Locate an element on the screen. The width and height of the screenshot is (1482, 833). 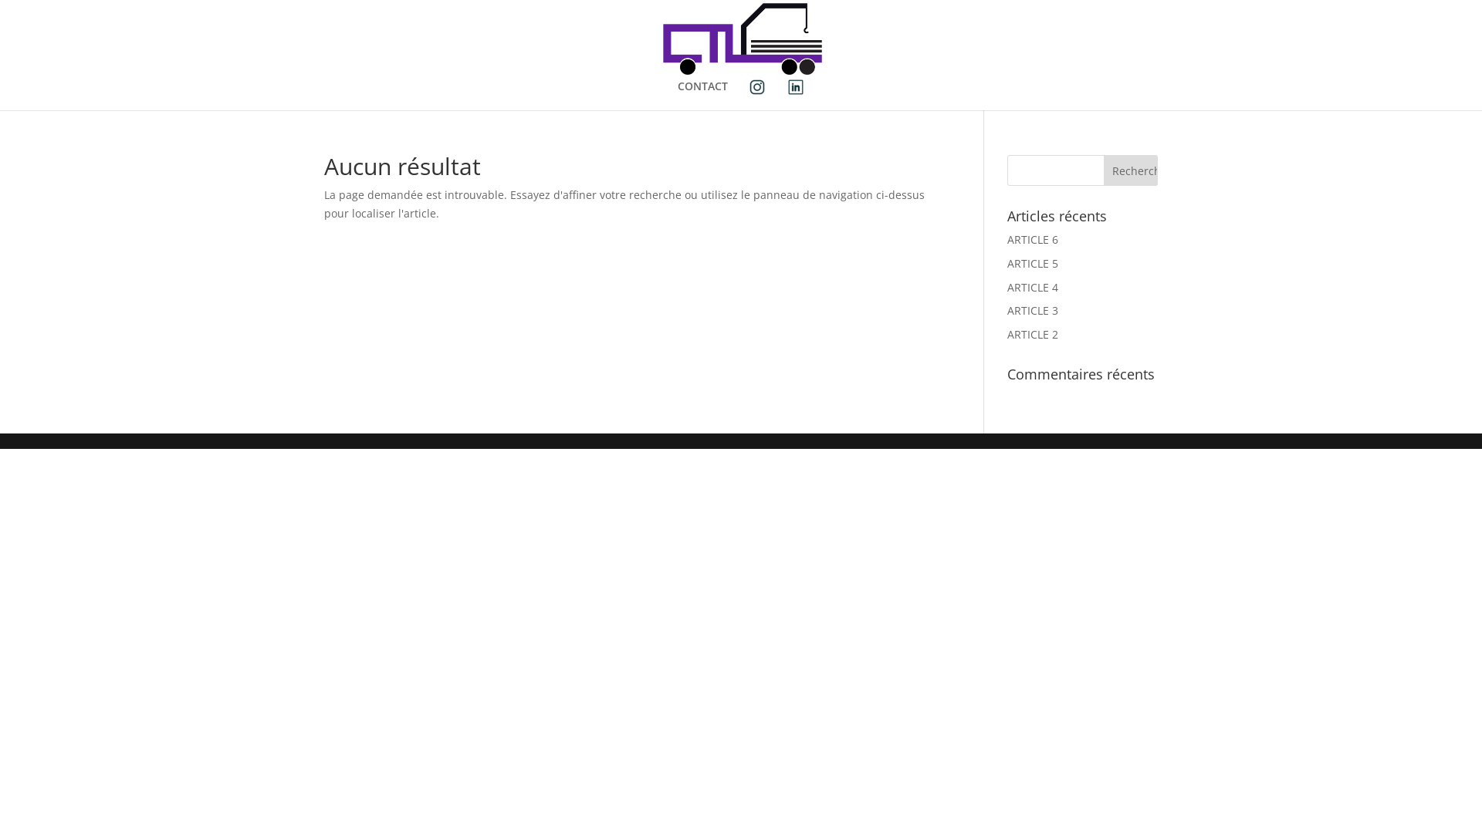
'ARTICLE 2' is located at coordinates (1007, 333).